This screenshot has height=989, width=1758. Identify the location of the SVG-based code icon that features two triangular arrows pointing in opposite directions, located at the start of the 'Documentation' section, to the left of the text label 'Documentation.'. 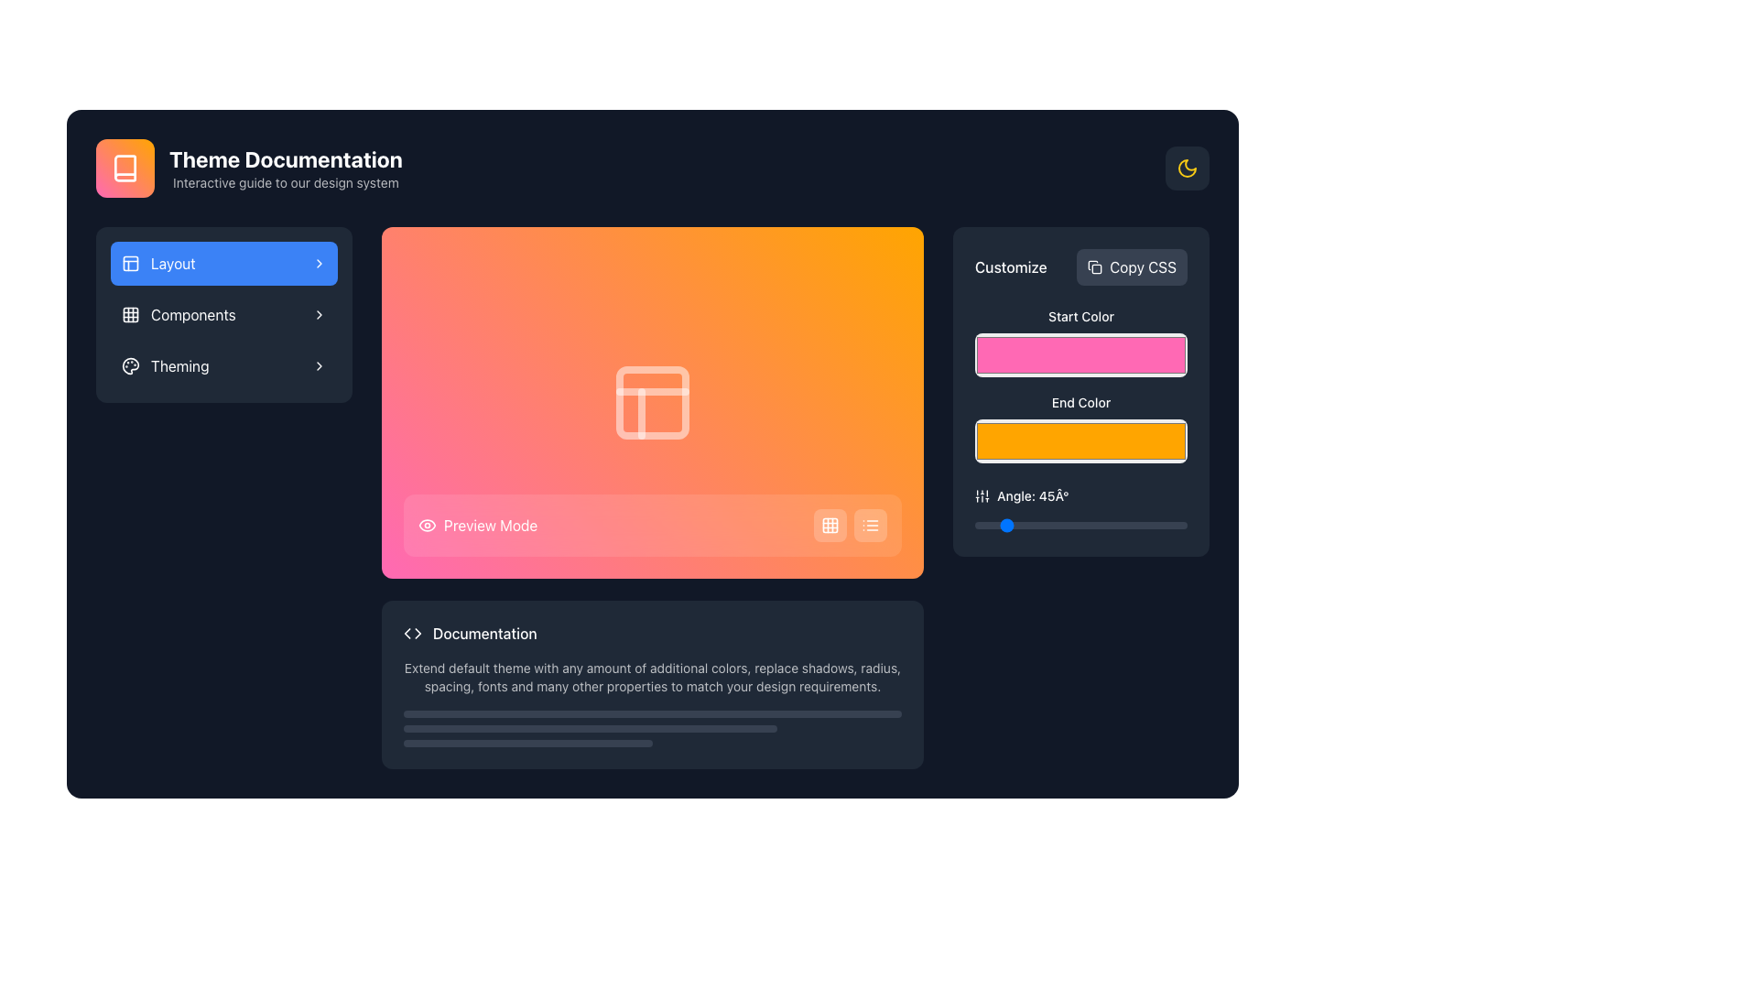
(412, 632).